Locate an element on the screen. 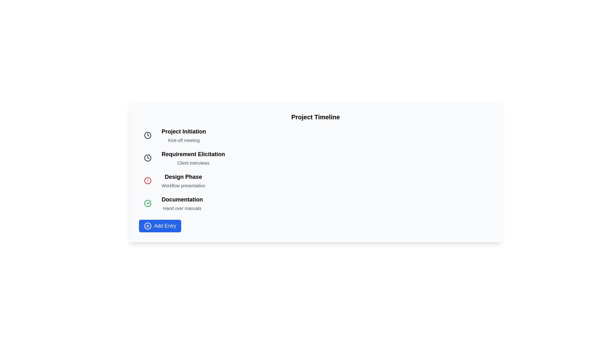 Image resolution: width=605 pixels, height=340 pixels. the 'Project Initiation' text label, which is the first item in the list under 'Project Timeline' and is next to a clock icon is located at coordinates (183, 135).